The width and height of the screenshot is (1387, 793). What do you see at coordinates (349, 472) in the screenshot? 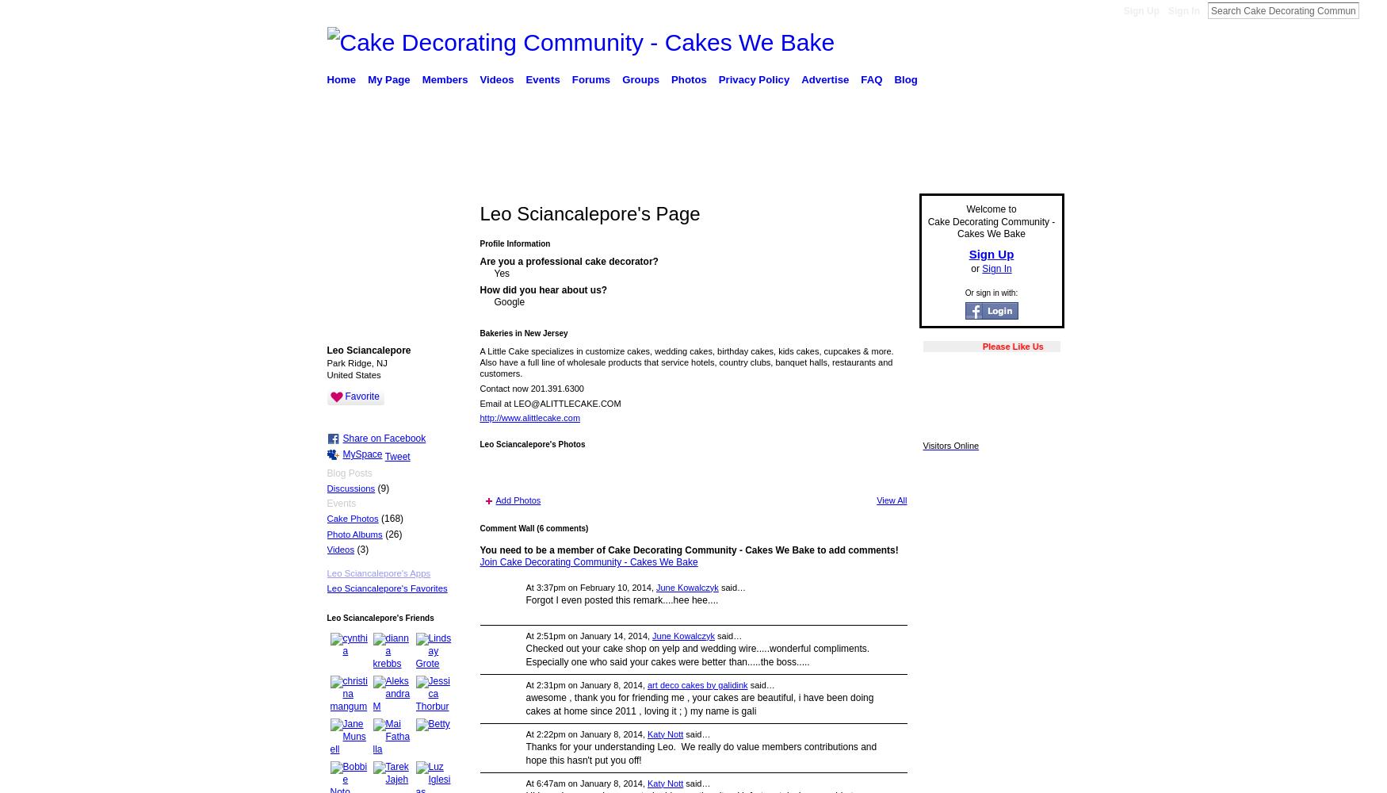
I see `'Blog Posts'` at bounding box center [349, 472].